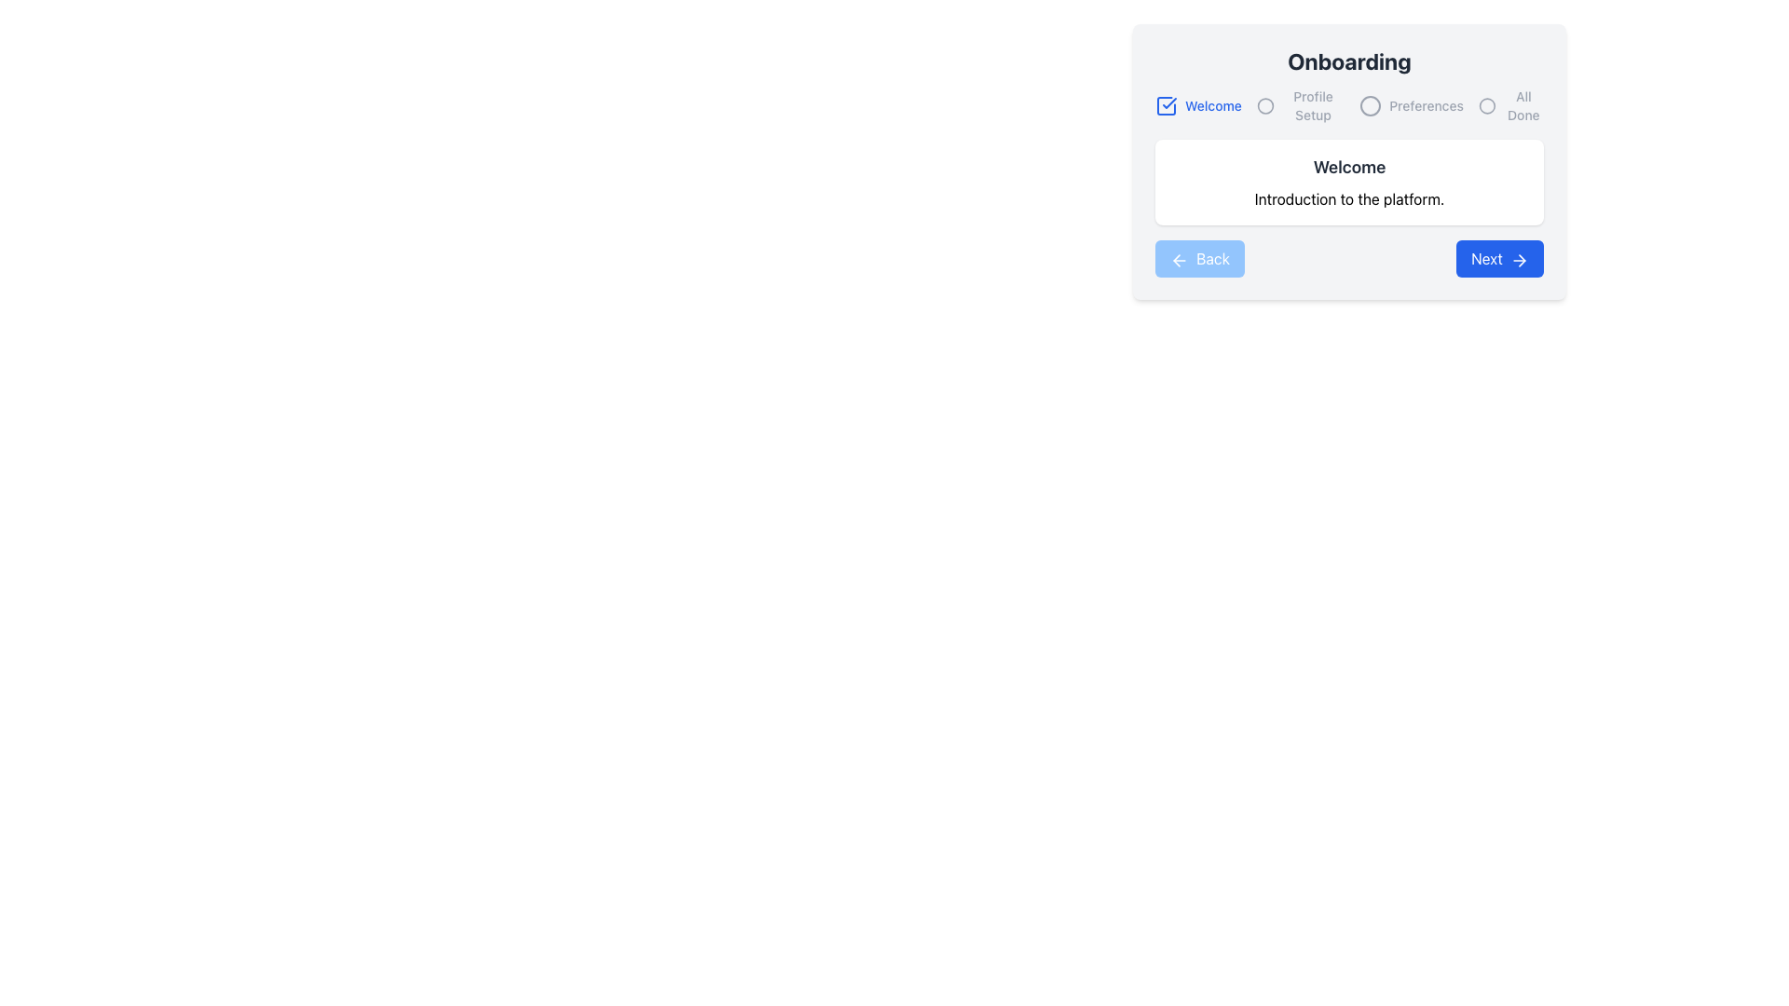 Image resolution: width=1789 pixels, height=1006 pixels. I want to click on the Labeled icon indicating the active or completed status of the 'Welcome' onboarding step, located in the top-left section of the horizontal navigation component titled 'Onboarding', so click(1198, 106).